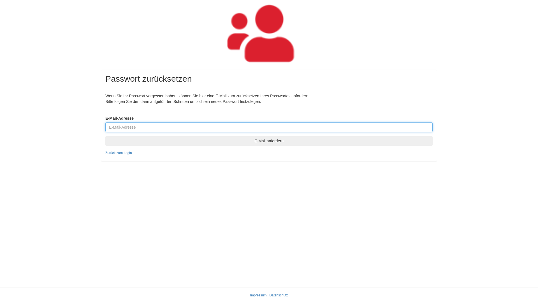 The width and height of the screenshot is (538, 302). I want to click on 'Impressum', so click(258, 295).